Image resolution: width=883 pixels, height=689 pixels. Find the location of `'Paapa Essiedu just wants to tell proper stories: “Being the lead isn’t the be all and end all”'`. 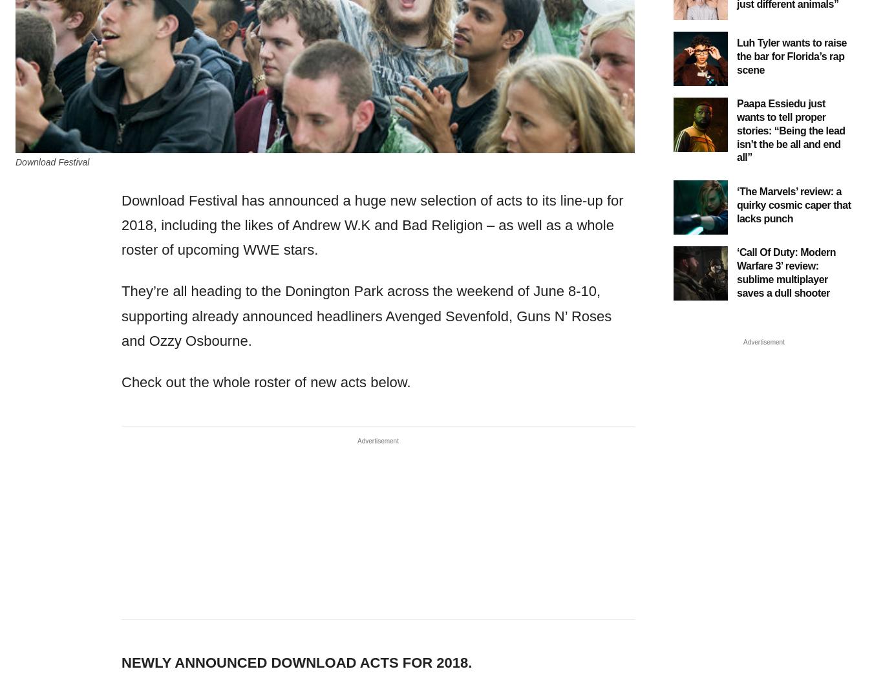

'Paapa Essiedu just wants to tell proper stories: “Being the lead isn’t the be all and end all”' is located at coordinates (791, 130).